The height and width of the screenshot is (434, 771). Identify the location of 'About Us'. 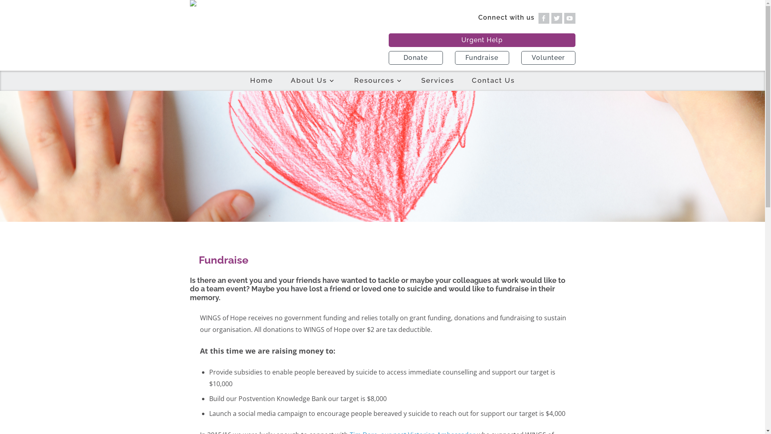
(313, 80).